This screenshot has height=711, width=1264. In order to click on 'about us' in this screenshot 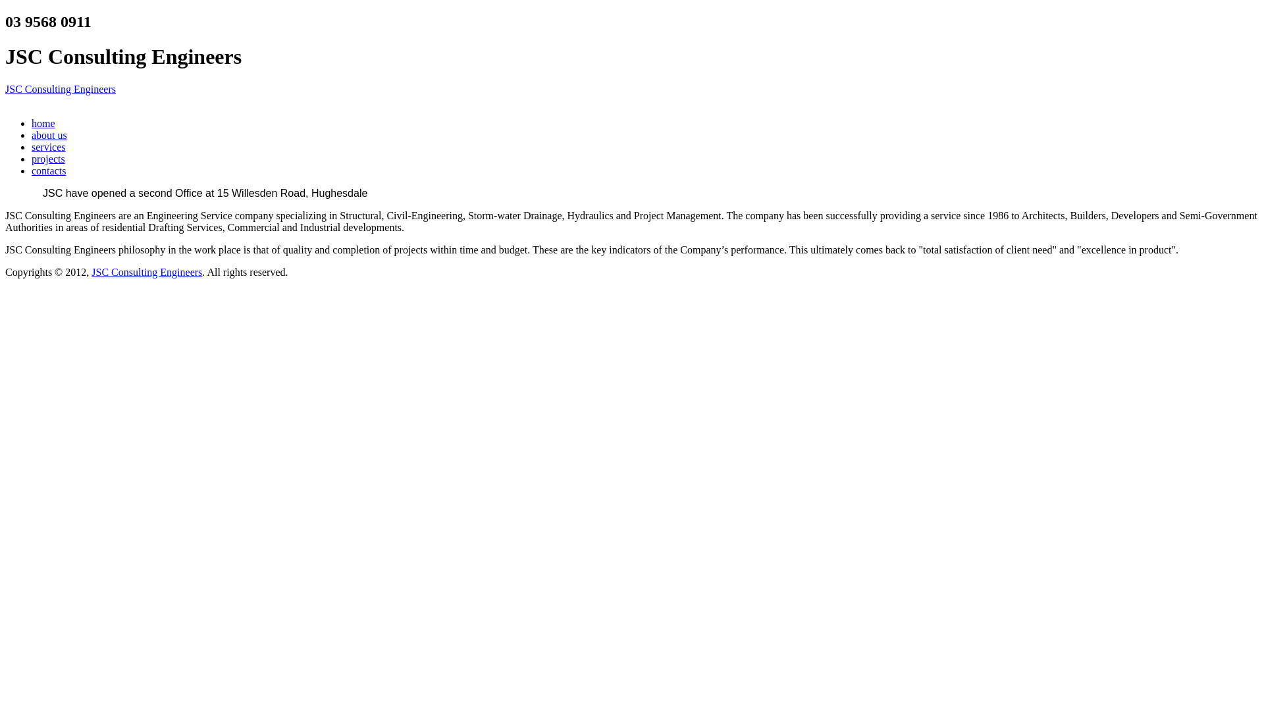, I will do `click(32, 135)`.